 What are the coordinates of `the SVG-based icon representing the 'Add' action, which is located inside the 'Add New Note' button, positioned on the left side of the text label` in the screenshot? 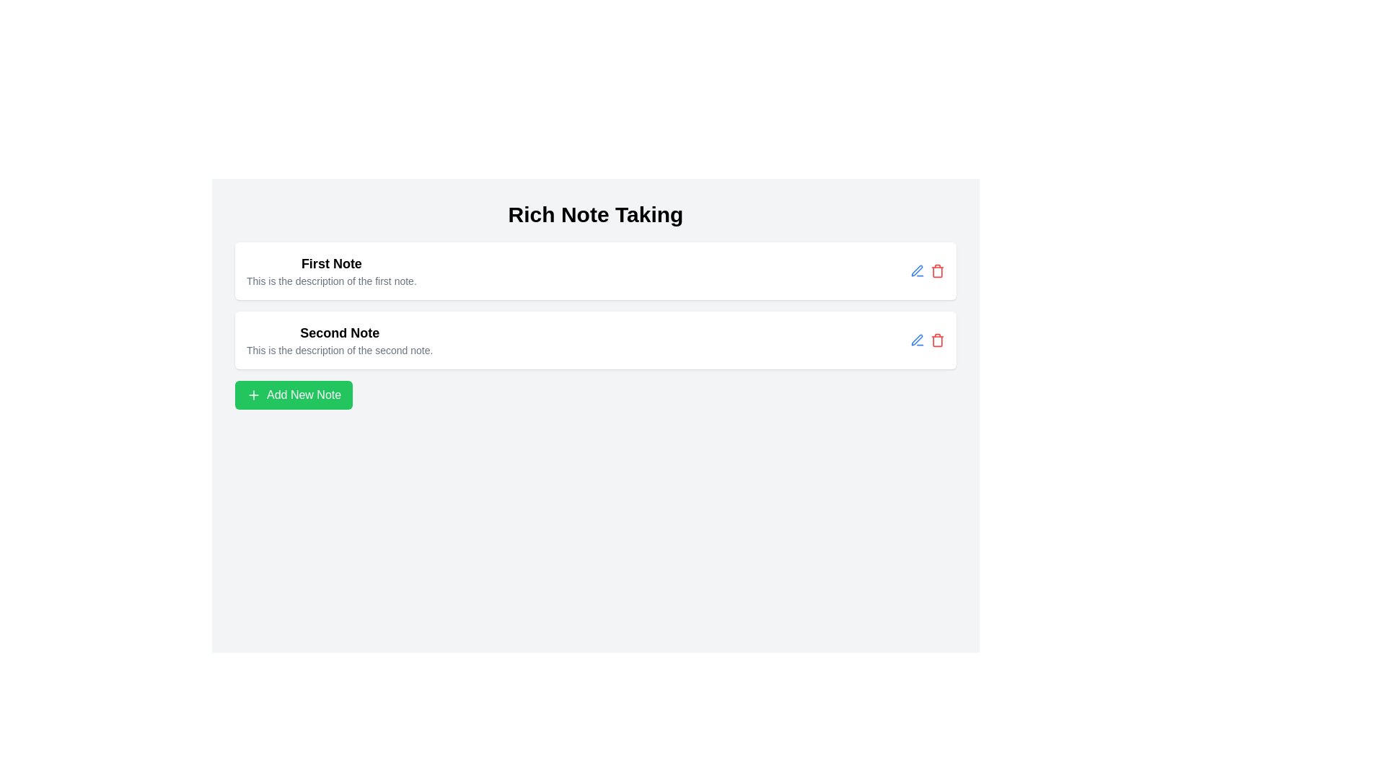 It's located at (253, 395).